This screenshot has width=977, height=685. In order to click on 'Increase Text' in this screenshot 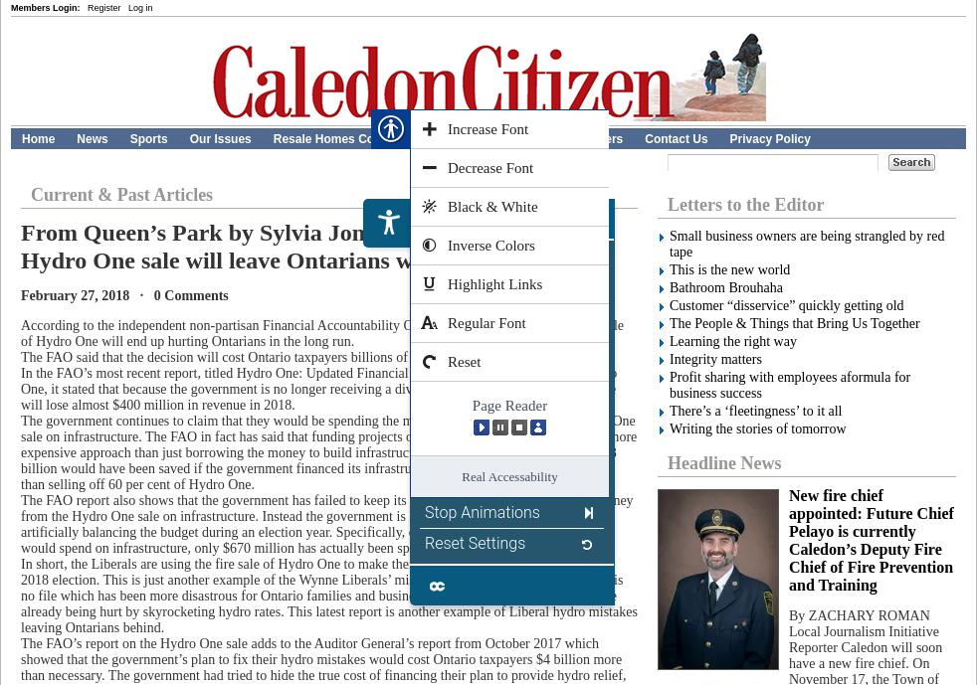, I will do `click(471, 259)`.